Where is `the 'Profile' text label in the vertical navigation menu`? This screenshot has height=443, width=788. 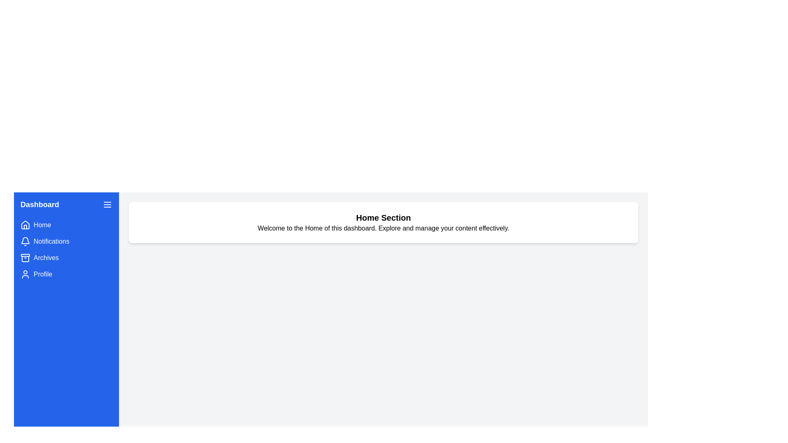
the 'Profile' text label in the vertical navigation menu is located at coordinates (42, 274).